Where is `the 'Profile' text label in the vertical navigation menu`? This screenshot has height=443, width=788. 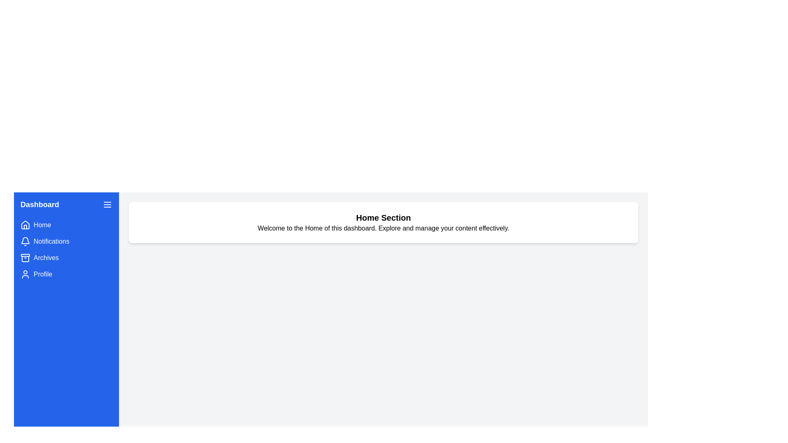
the 'Profile' text label in the vertical navigation menu is located at coordinates (42, 274).